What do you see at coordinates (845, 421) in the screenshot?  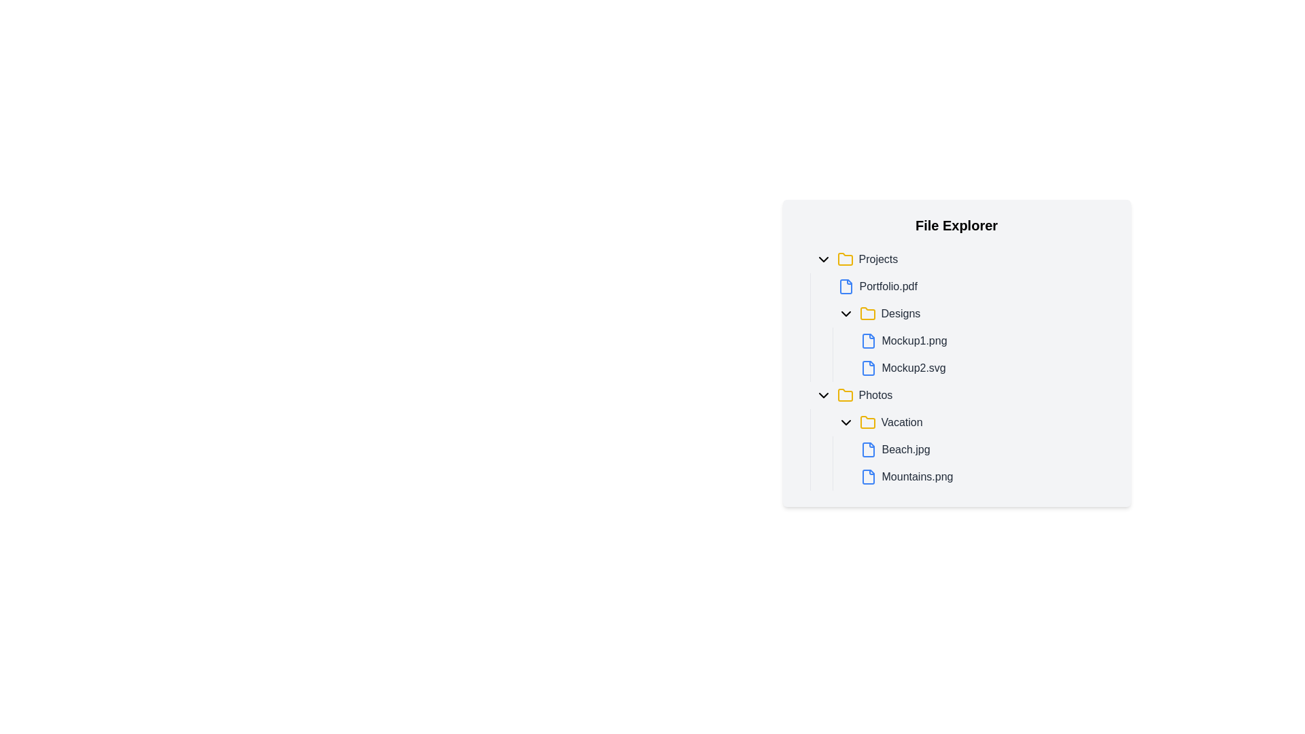 I see `the downwards-pointing chevron icon next to the 'Vacation' text` at bounding box center [845, 421].